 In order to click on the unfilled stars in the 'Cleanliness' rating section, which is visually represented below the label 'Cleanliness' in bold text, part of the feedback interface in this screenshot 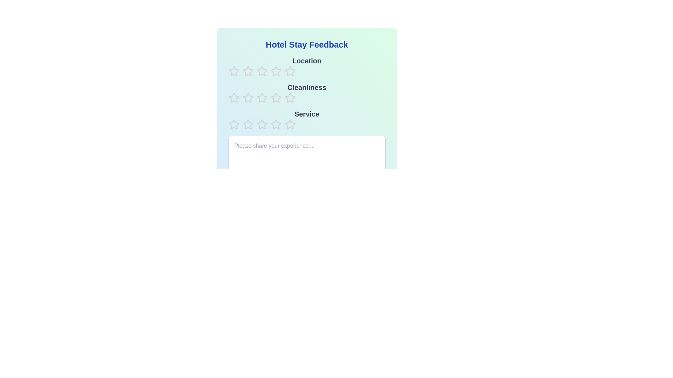, I will do `click(307, 93)`.